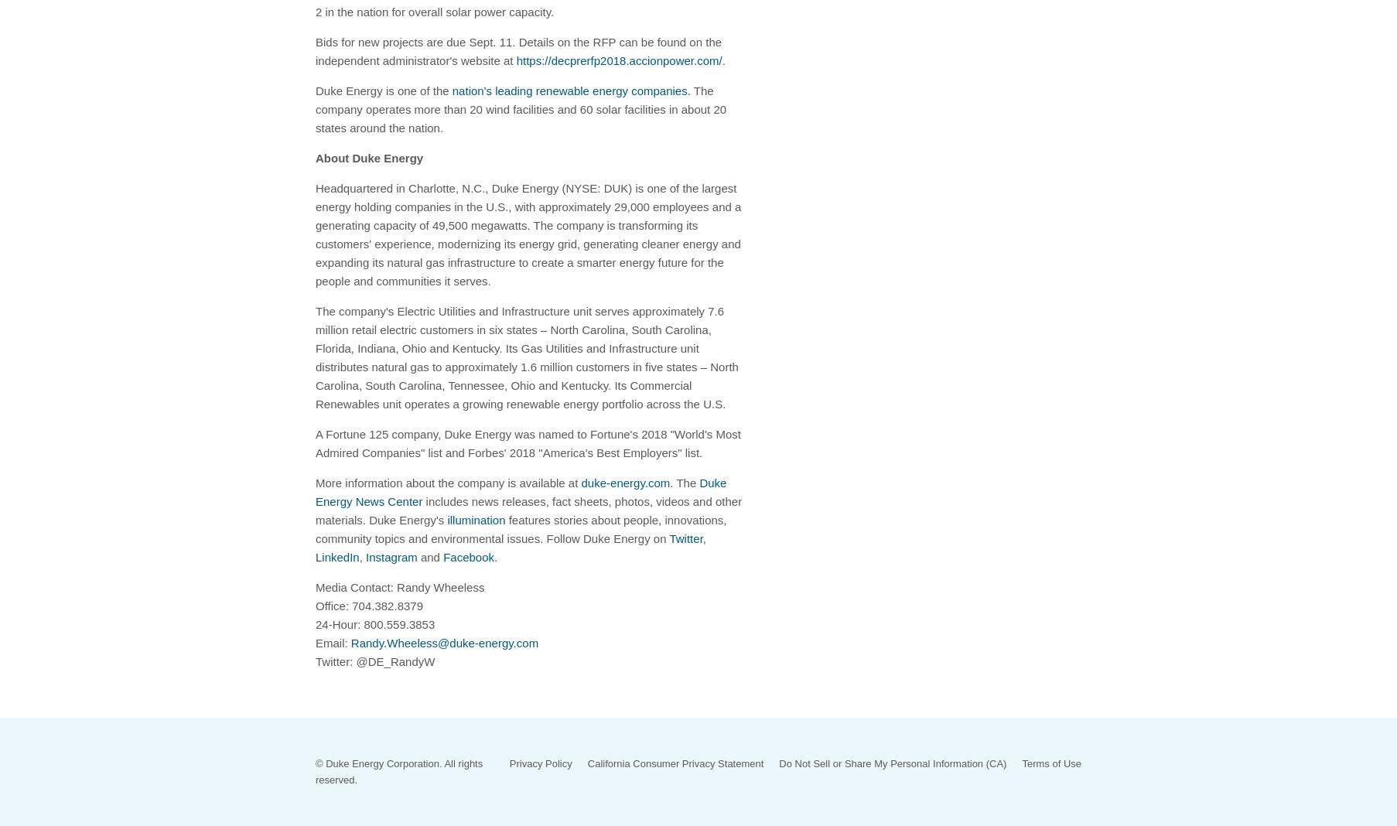 The width and height of the screenshot is (1397, 826). What do you see at coordinates (539, 763) in the screenshot?
I see `'Privacy Policy'` at bounding box center [539, 763].